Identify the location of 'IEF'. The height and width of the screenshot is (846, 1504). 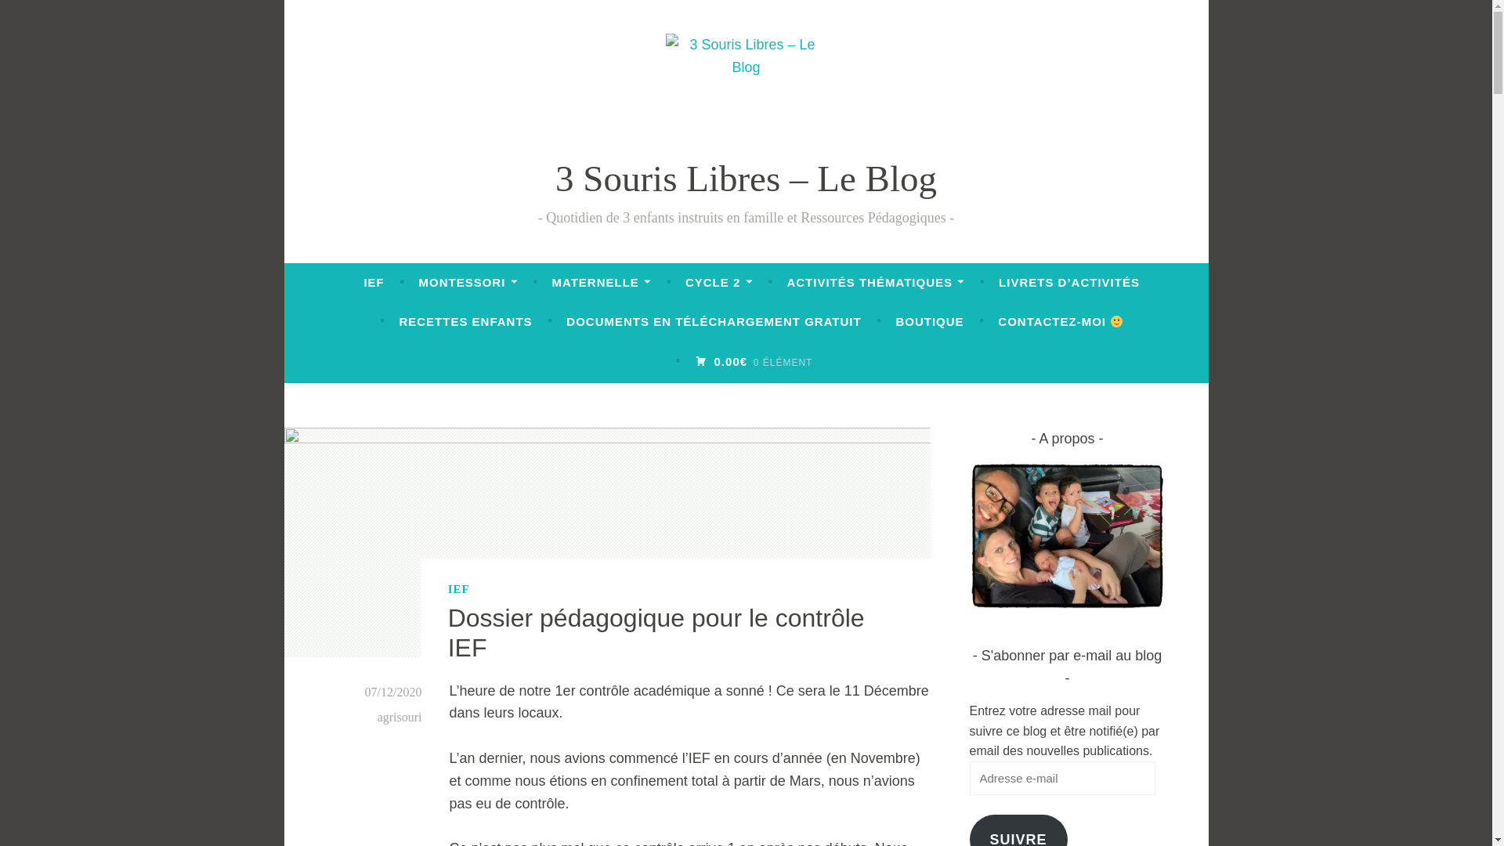
(457, 589).